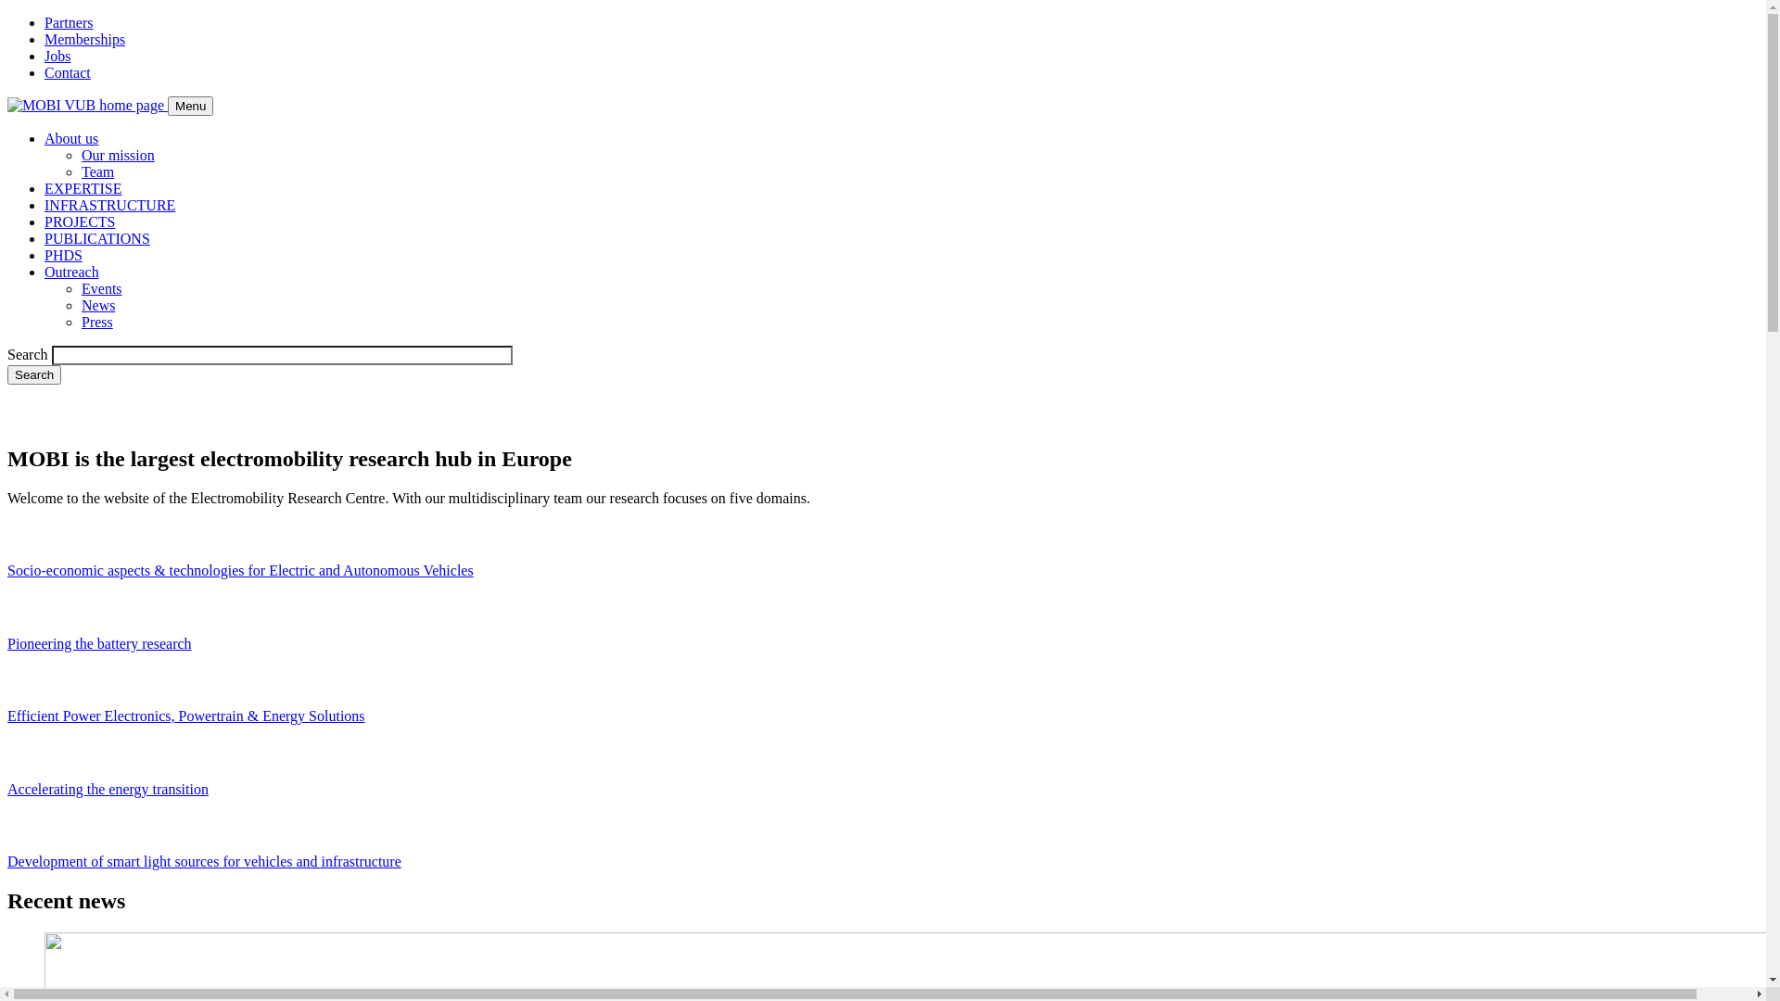 This screenshot has height=1001, width=1780. I want to click on 'INFRASTRUCTURE', so click(44, 205).